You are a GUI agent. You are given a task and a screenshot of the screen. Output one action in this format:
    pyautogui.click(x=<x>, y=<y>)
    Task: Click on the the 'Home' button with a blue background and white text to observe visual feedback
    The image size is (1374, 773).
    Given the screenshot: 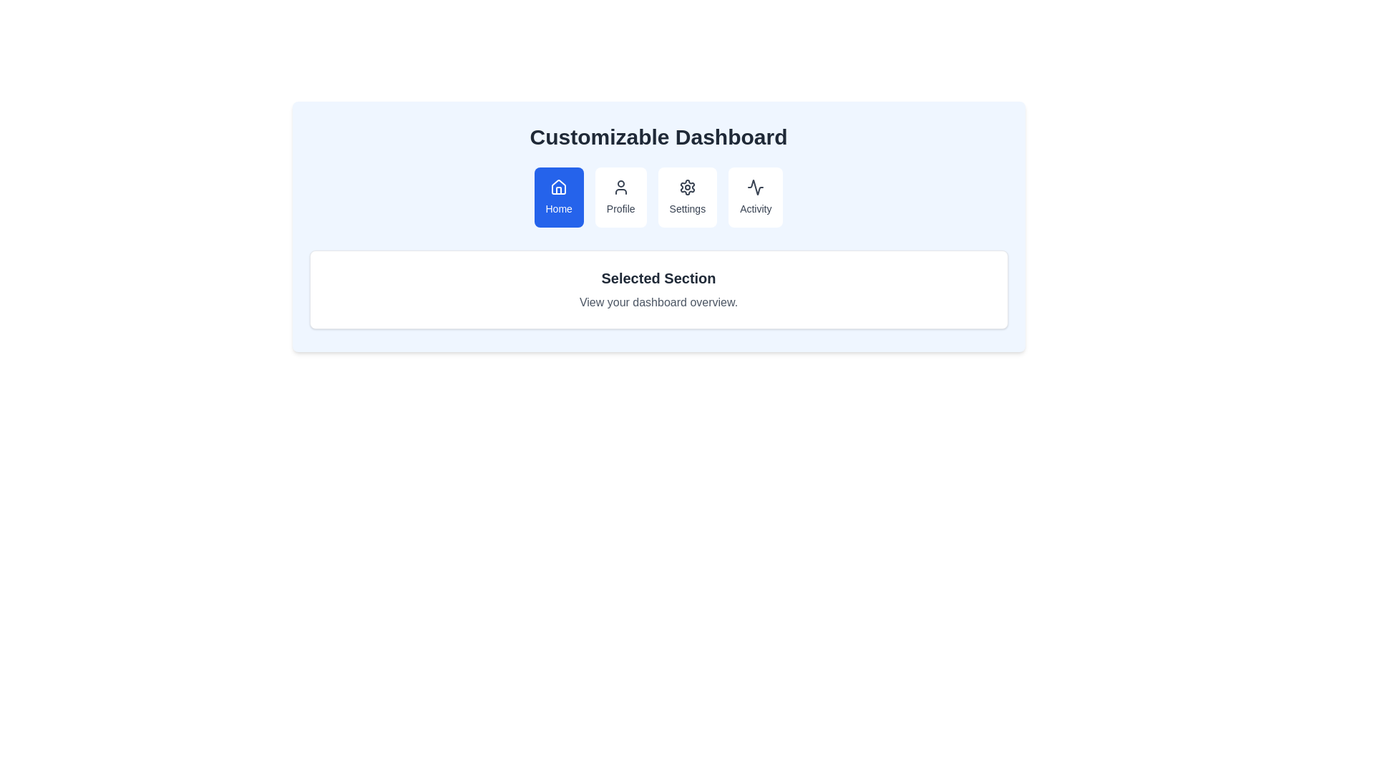 What is the action you would take?
    pyautogui.click(x=558, y=198)
    